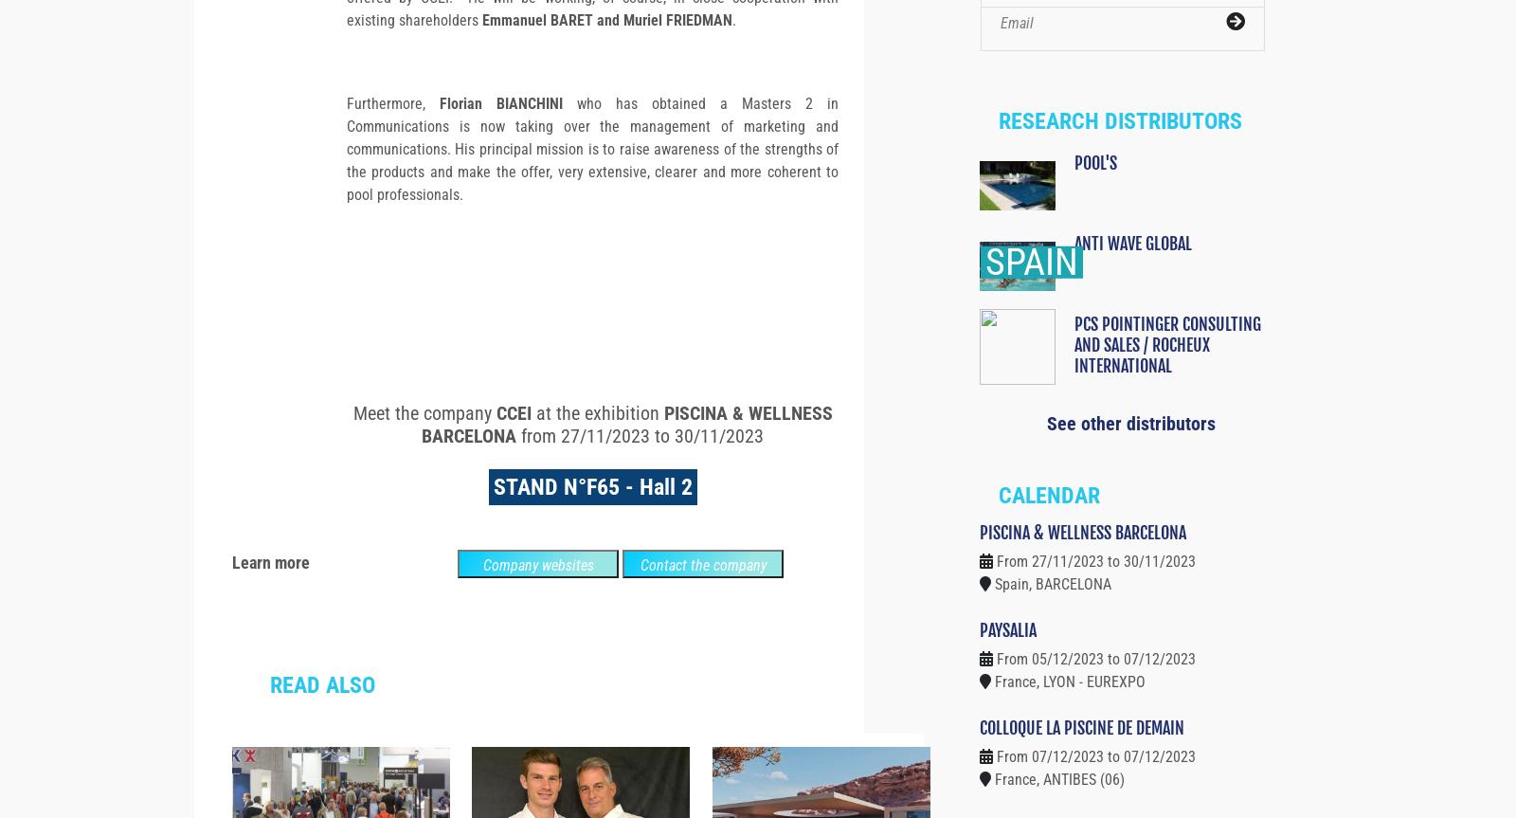 This screenshot has height=818, width=1516. Describe the element at coordinates (994, 616) in the screenshot. I see `'Spain, 
								 BARCELONA'` at that location.